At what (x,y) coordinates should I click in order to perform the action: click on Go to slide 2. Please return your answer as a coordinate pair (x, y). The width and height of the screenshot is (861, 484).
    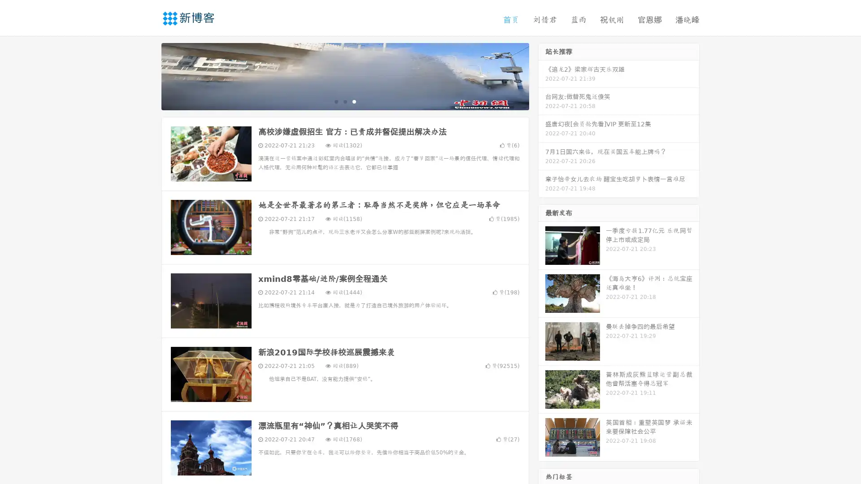
    Looking at the image, I should click on (344, 101).